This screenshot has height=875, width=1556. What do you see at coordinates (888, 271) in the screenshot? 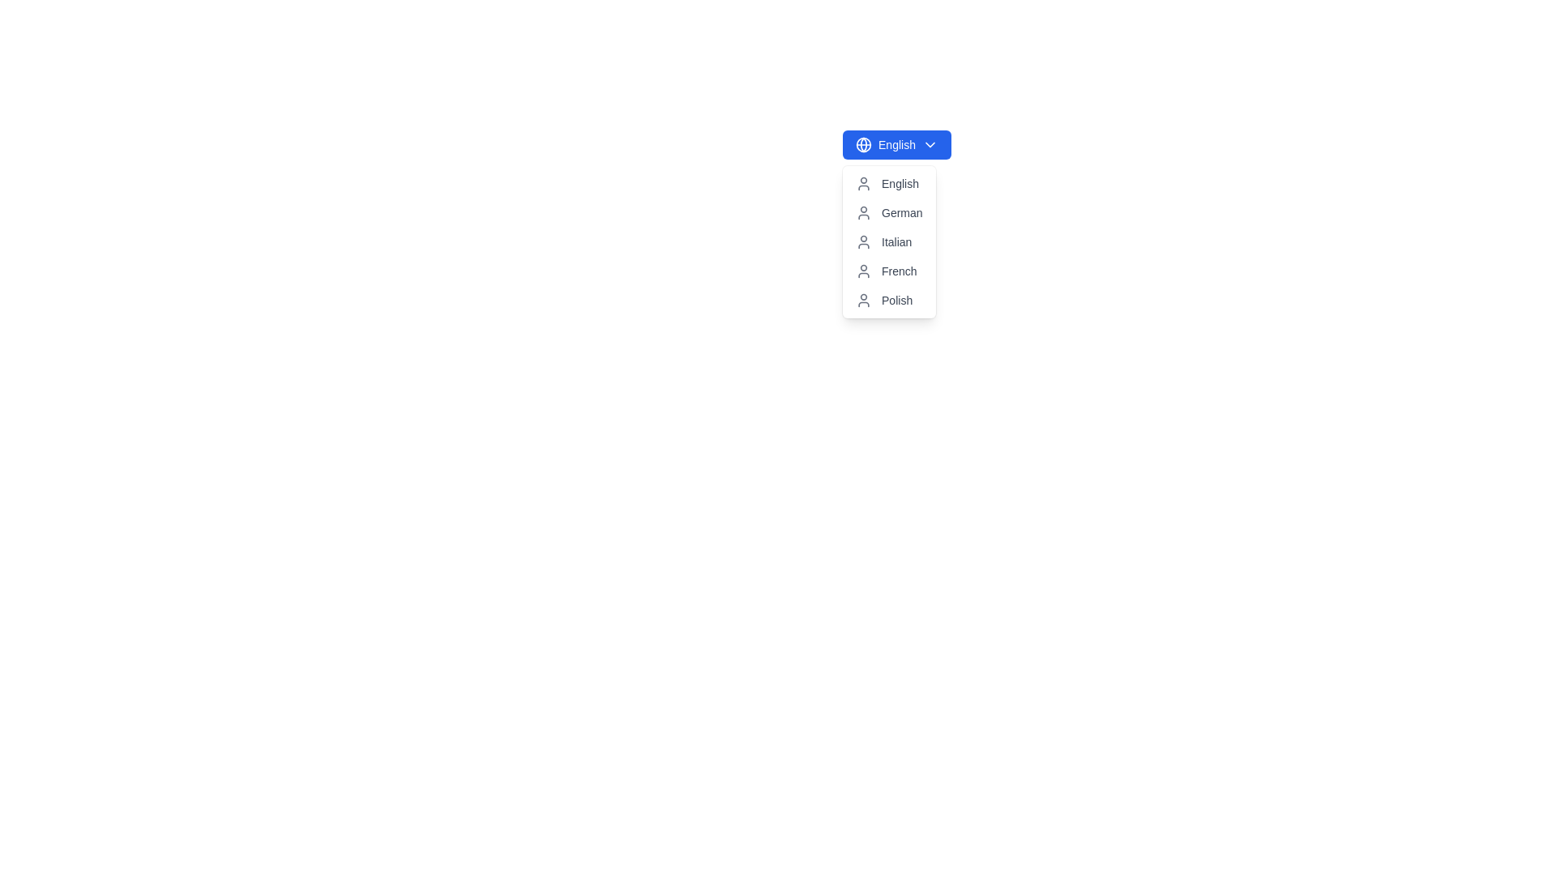
I see `the selectable list item labeled 'French' in the dropdown menu` at bounding box center [888, 271].